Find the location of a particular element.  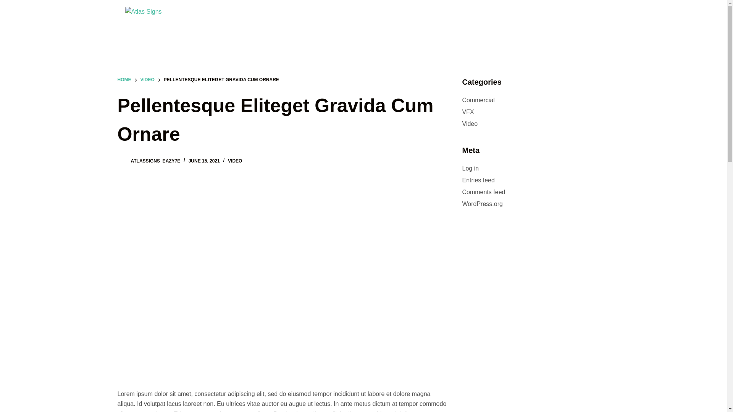

'Video' is located at coordinates (461, 123).